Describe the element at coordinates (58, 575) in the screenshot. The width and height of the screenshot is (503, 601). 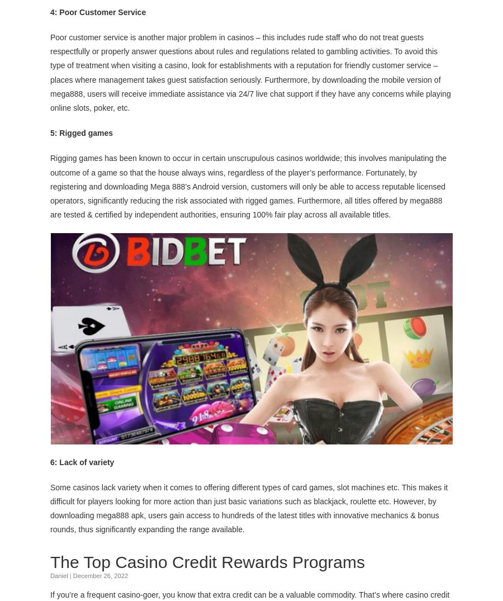
I see `'Daniel'` at that location.